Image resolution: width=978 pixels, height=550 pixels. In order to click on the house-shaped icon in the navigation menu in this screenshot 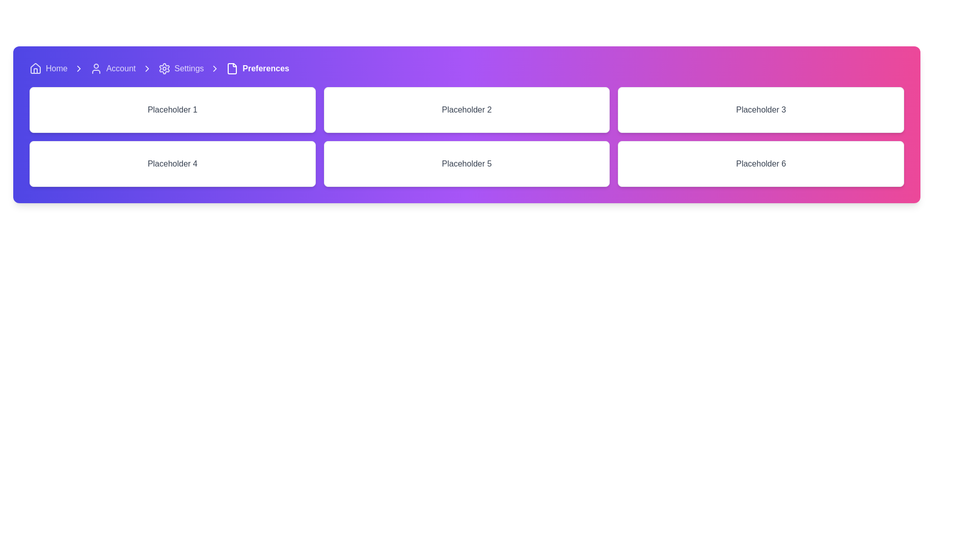, I will do `click(36, 69)`.